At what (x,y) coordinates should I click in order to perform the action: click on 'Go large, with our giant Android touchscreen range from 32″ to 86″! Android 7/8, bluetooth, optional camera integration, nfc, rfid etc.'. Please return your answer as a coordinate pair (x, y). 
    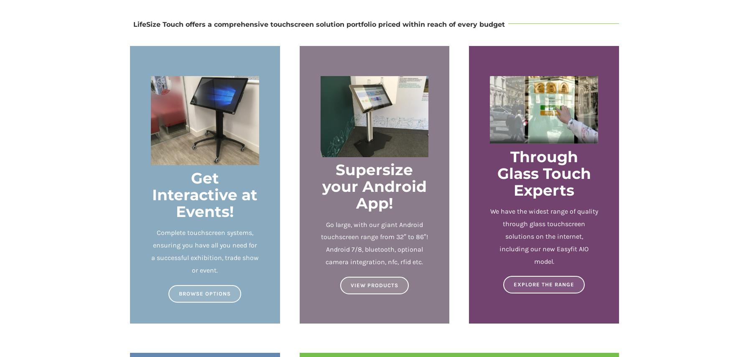
    Looking at the image, I should click on (374, 243).